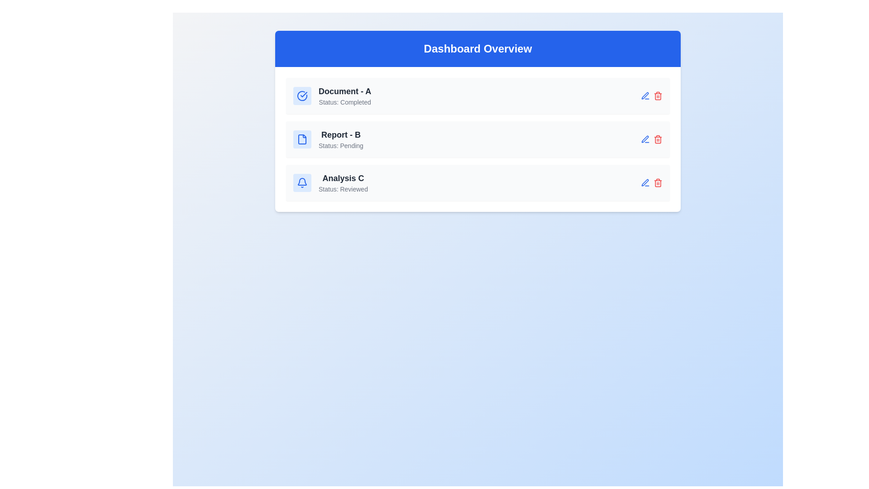 The width and height of the screenshot is (869, 489). I want to click on the circular icon with a blue outline and a checkmark overlay, which indicates a completed task, located to the left of the text 'Document - A' and 'Status: Completed', so click(302, 96).